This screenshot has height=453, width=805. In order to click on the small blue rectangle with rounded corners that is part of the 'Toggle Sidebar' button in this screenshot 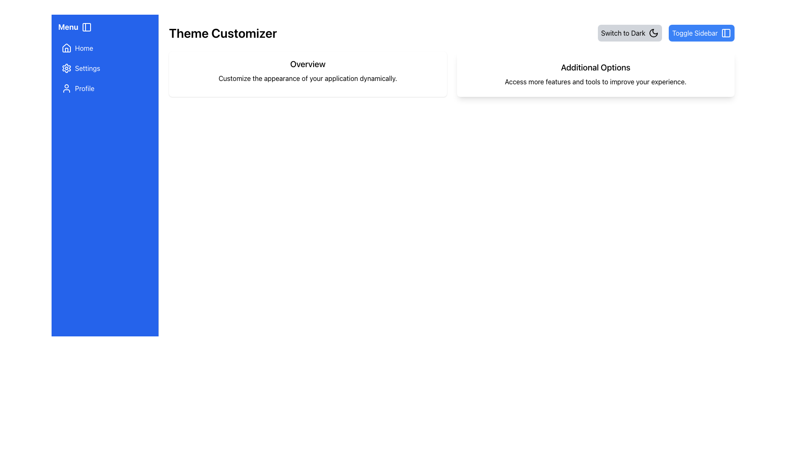, I will do `click(726, 32)`.